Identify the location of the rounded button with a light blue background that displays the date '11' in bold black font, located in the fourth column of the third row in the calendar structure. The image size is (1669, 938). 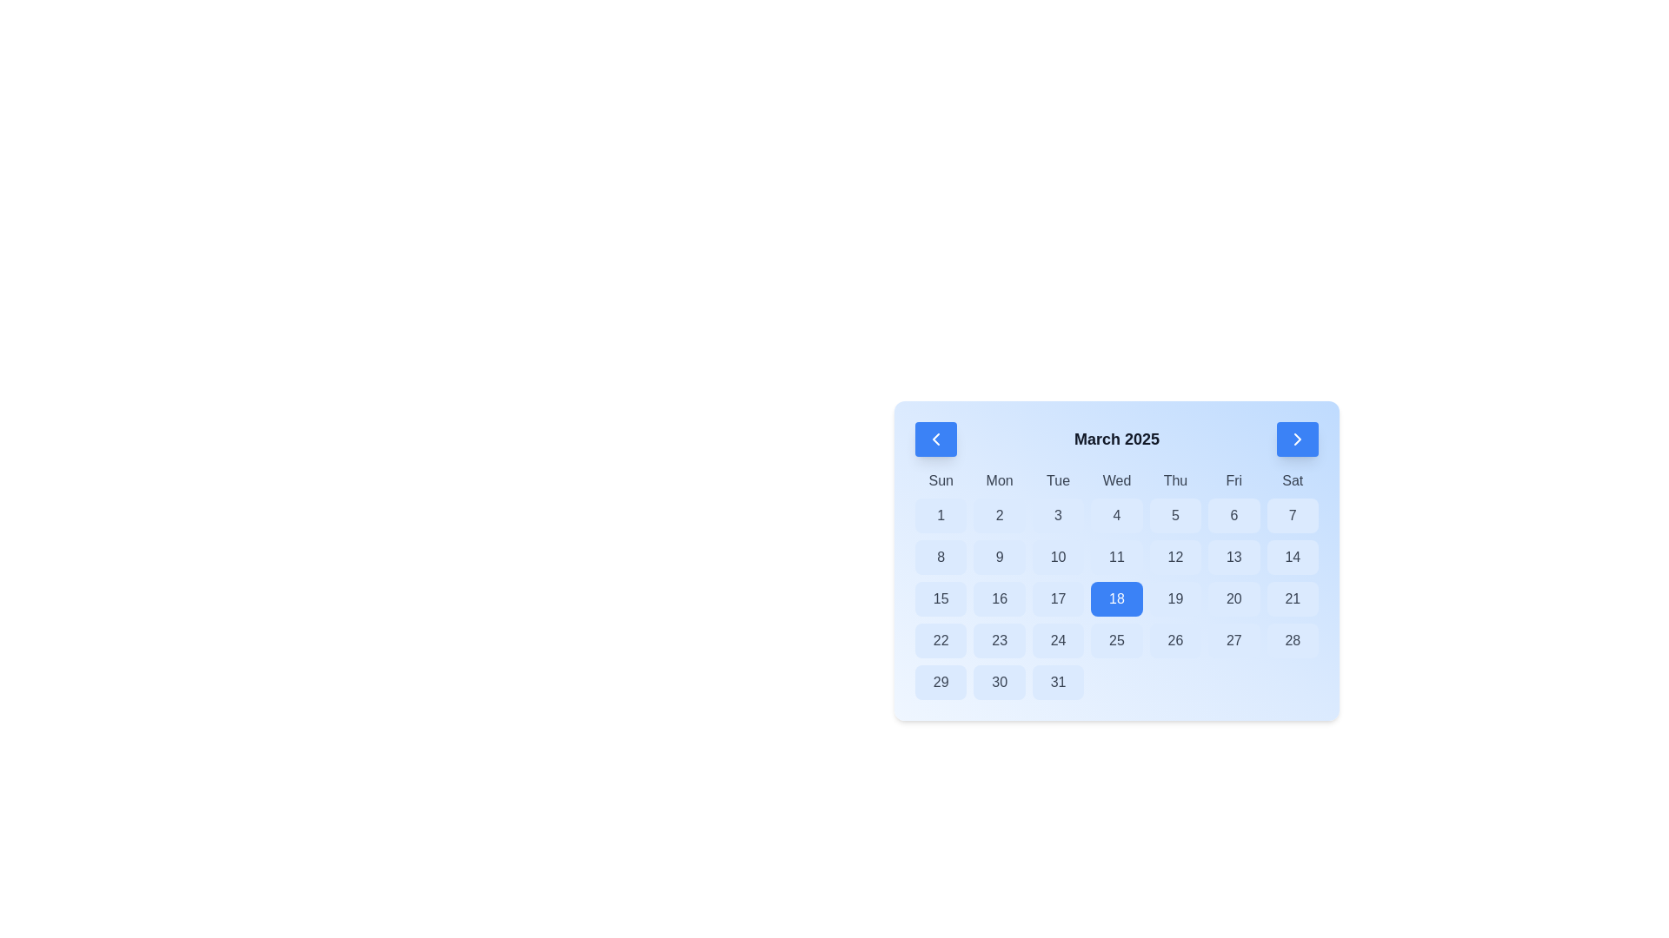
(1117, 557).